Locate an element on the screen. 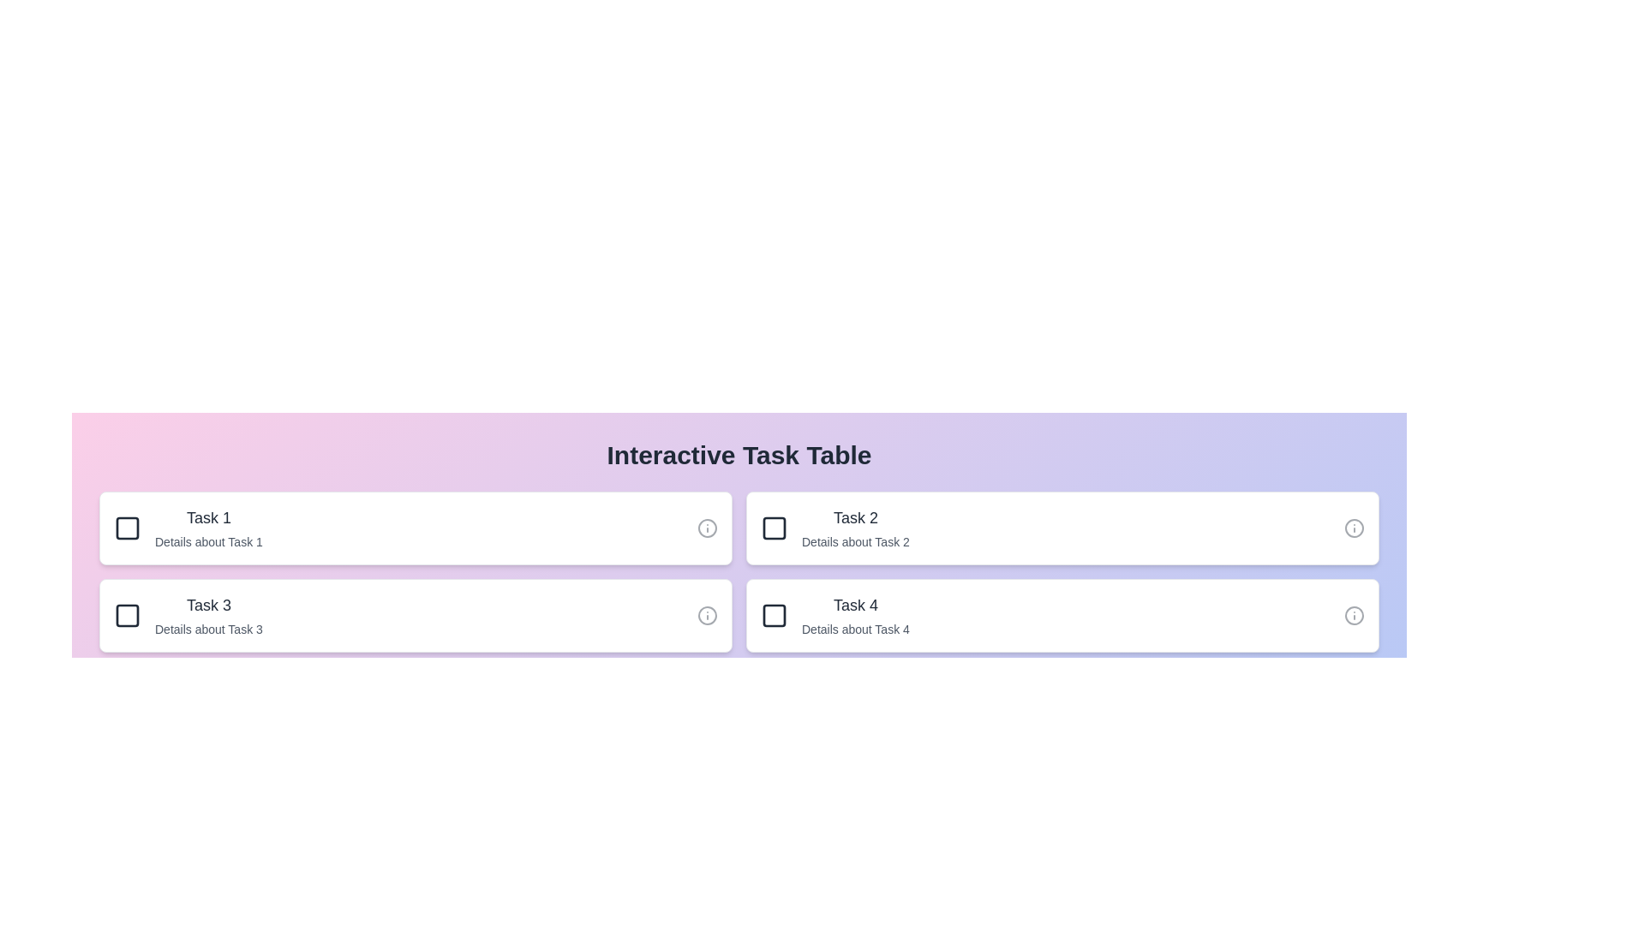 The height and width of the screenshot is (925, 1645). the information icon for task 4 to view its details is located at coordinates (1353, 614).